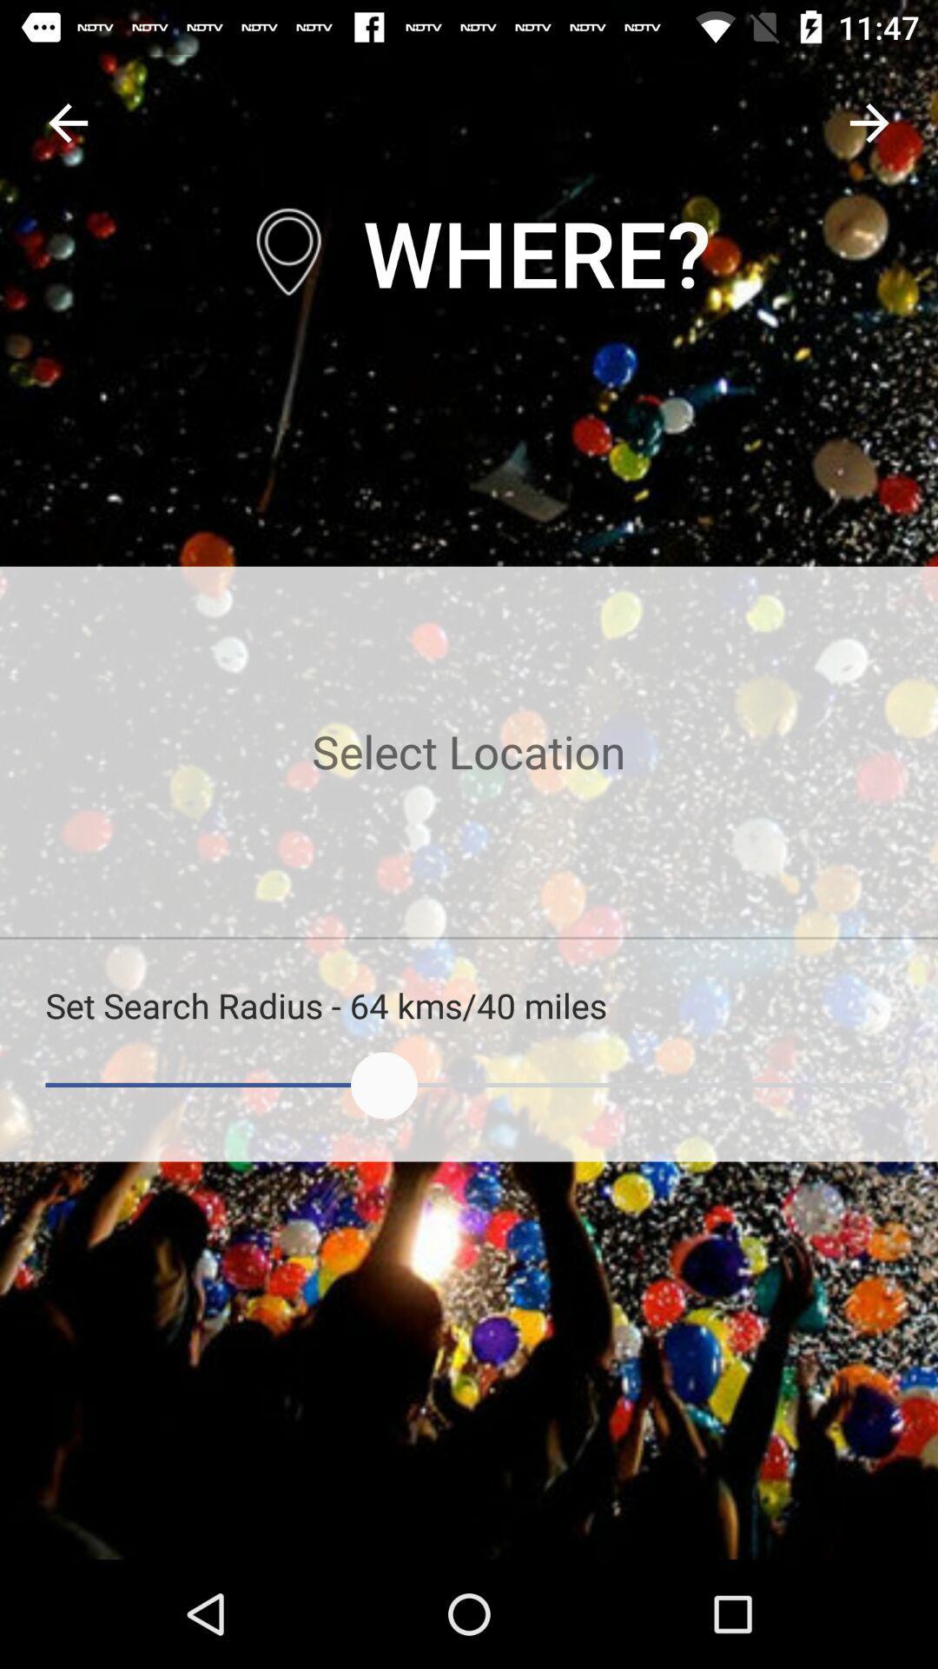 The image size is (938, 1669). What do you see at coordinates (869, 122) in the screenshot?
I see `the arrow_forward icon` at bounding box center [869, 122].